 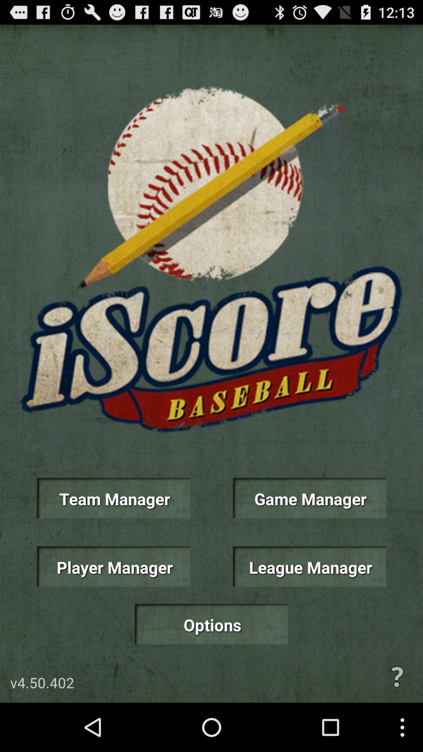 I want to click on the player manager, so click(x=113, y=566).